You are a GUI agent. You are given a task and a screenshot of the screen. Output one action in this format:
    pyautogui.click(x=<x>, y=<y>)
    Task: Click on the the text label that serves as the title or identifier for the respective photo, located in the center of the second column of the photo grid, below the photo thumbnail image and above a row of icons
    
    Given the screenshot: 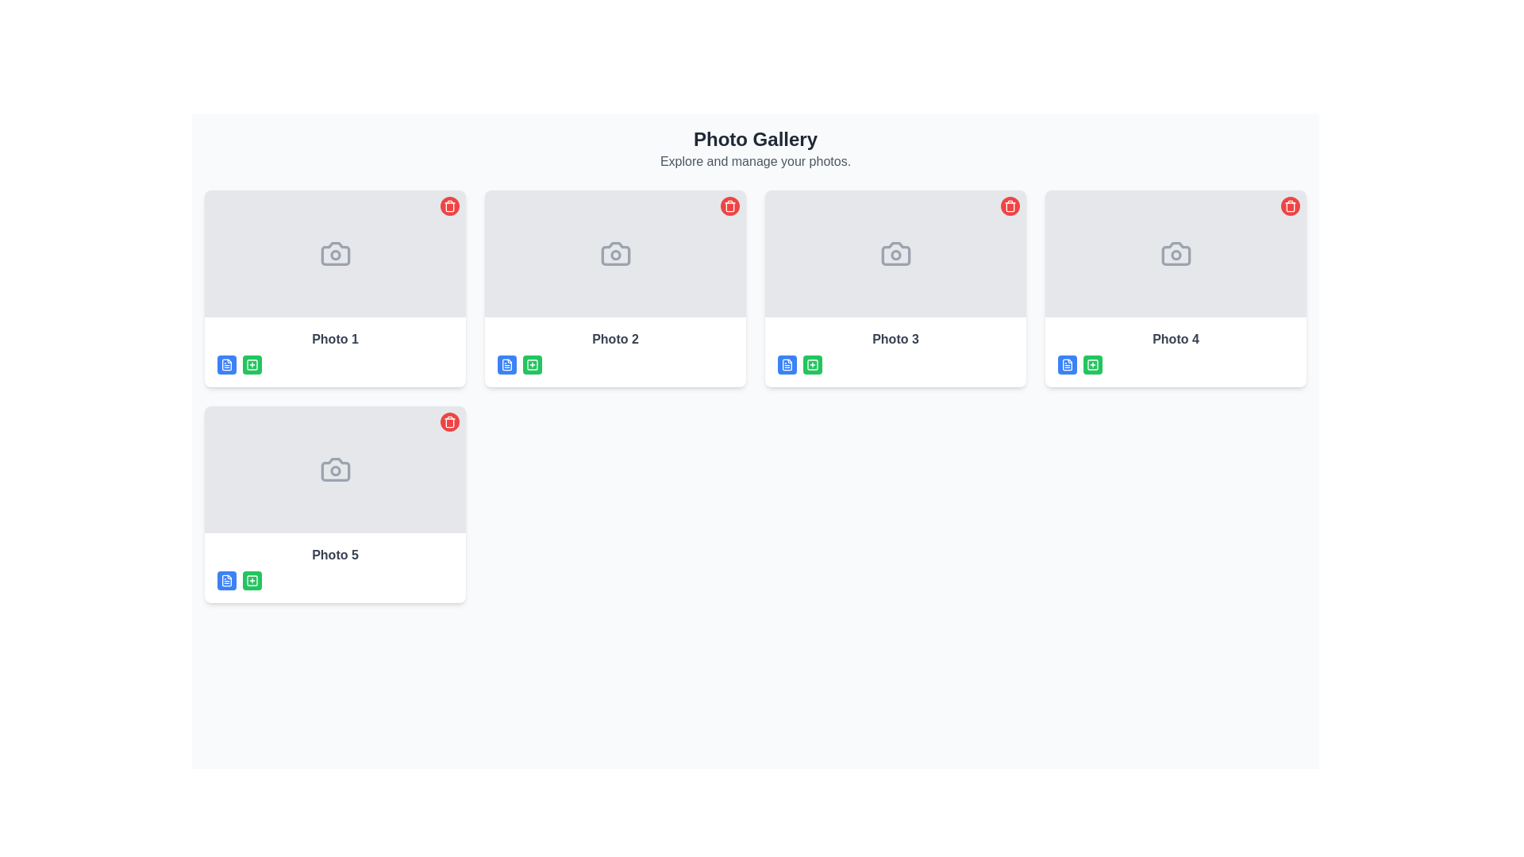 What is the action you would take?
    pyautogui.click(x=614, y=339)
    